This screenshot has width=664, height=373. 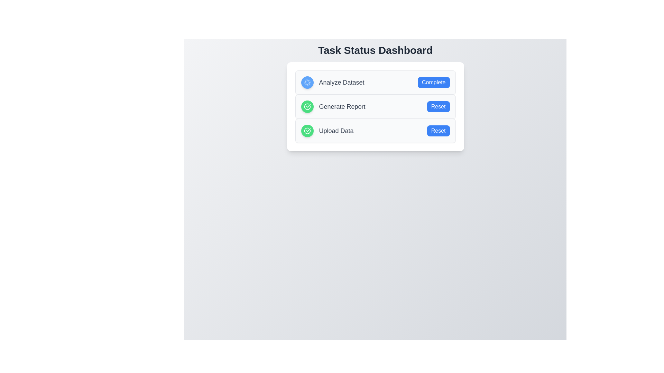 I want to click on the 'Generate Report' label with a circular green icon and a white check mark, which is the second item in the vertical stack of items, so click(x=333, y=106).